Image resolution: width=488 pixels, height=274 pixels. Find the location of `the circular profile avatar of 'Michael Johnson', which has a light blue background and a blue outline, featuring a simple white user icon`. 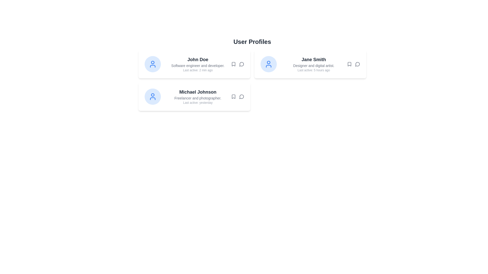

the circular profile avatar of 'Michael Johnson', which has a light blue background and a blue outline, featuring a simple white user icon is located at coordinates (152, 97).